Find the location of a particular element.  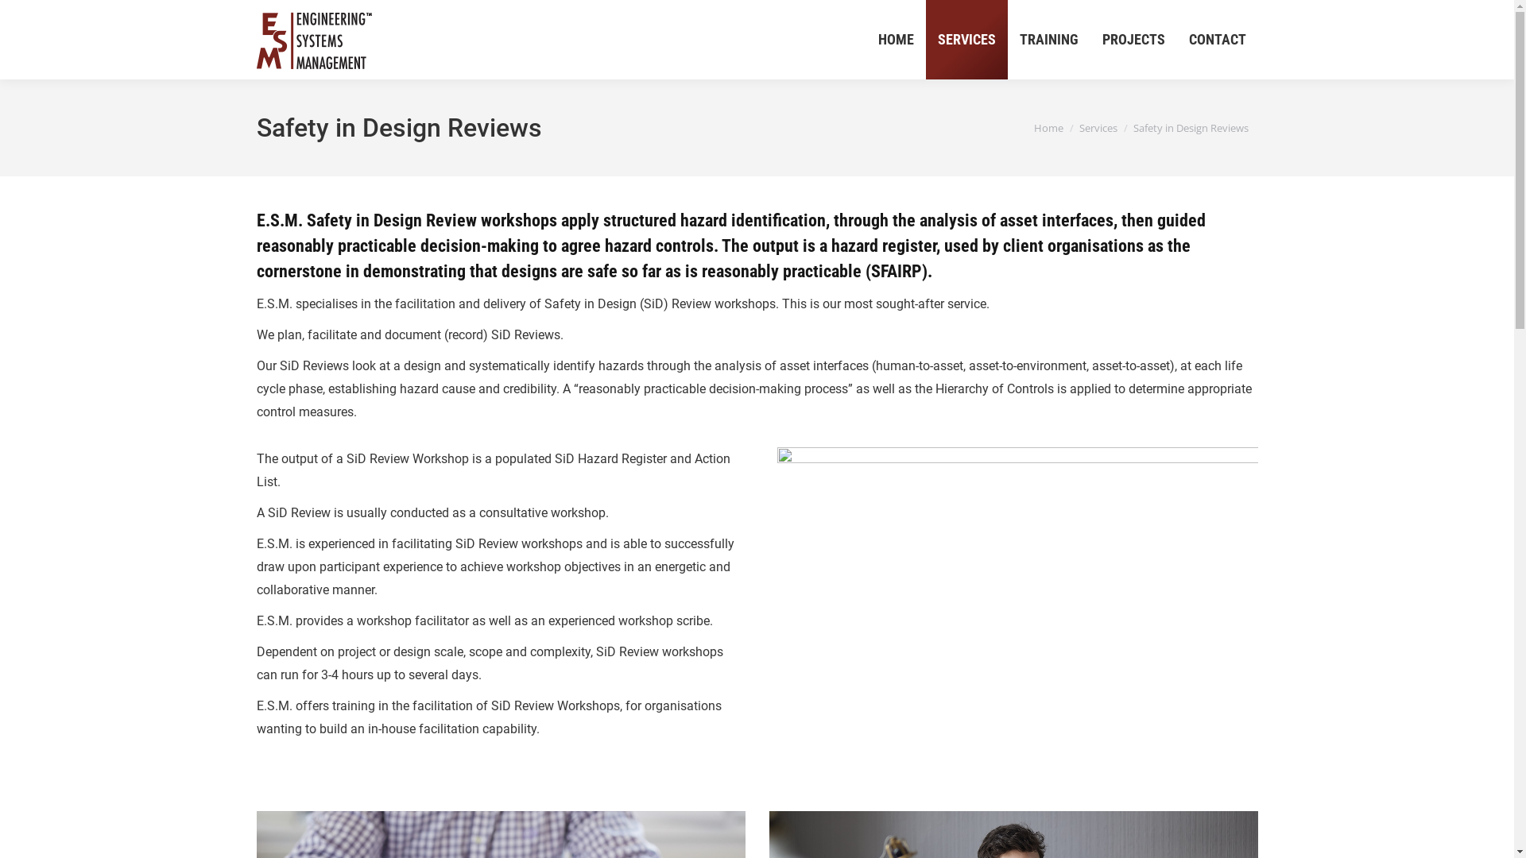

'Services' is located at coordinates (1079, 127).